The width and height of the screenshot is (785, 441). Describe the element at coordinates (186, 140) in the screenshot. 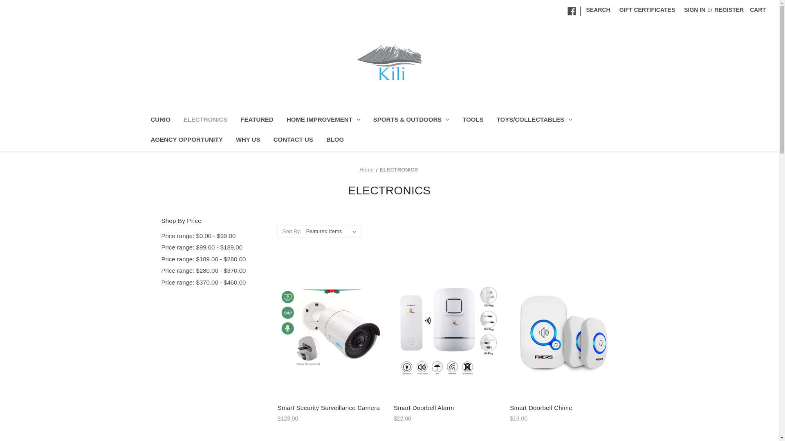

I see `'AGENCY OPPORTUNITY'` at that location.